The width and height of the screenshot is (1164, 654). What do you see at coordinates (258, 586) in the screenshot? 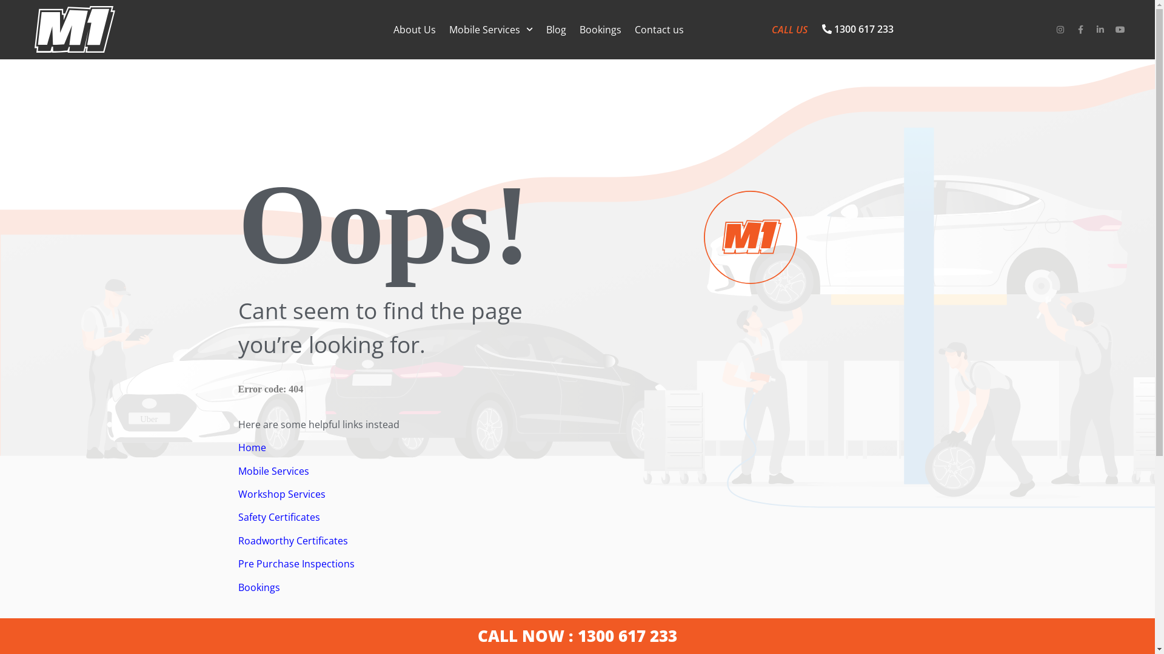
I see `'Bookings'` at bounding box center [258, 586].